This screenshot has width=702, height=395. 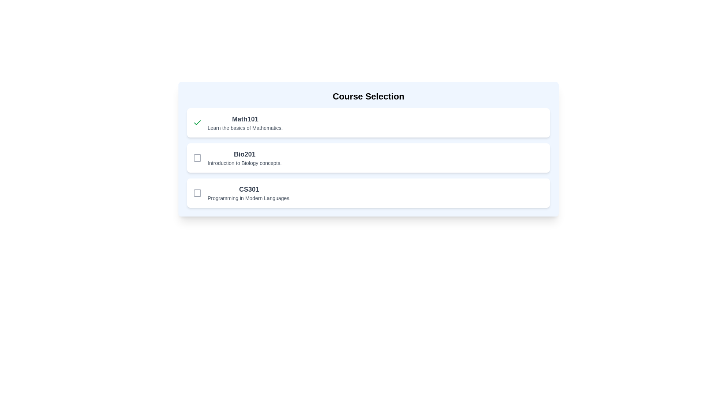 I want to click on the green checkmark icon located inside the checkbox to the left of the 'Math101' course name, so click(x=197, y=122).